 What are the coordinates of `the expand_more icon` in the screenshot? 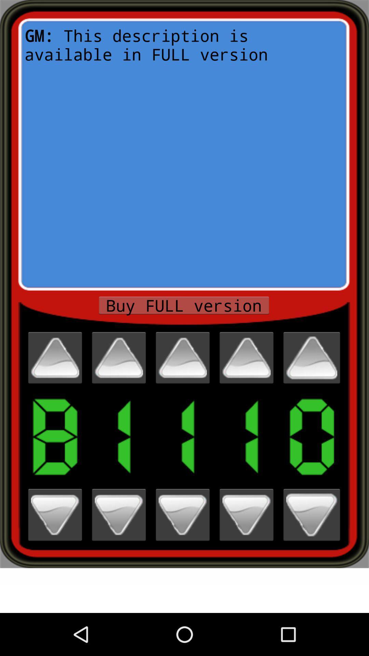 It's located at (118, 551).